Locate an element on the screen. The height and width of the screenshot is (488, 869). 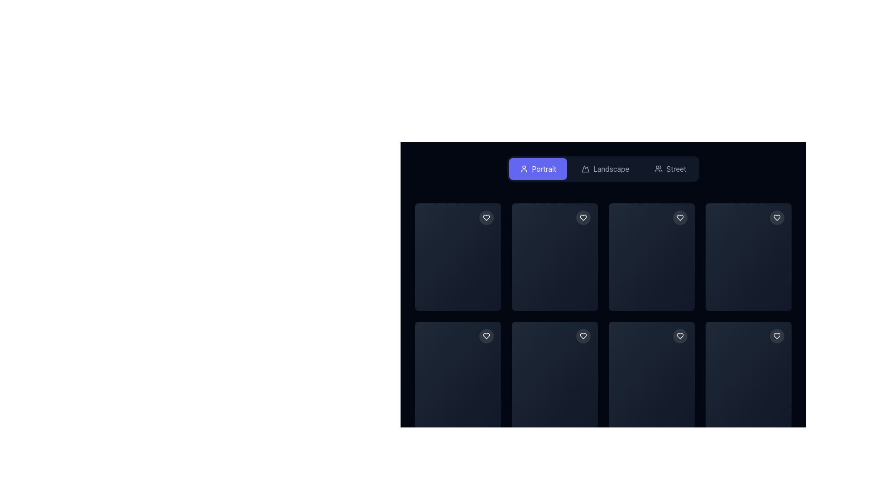
the third button in the horizontal row that filters content related to 'Street' is located at coordinates (670, 169).